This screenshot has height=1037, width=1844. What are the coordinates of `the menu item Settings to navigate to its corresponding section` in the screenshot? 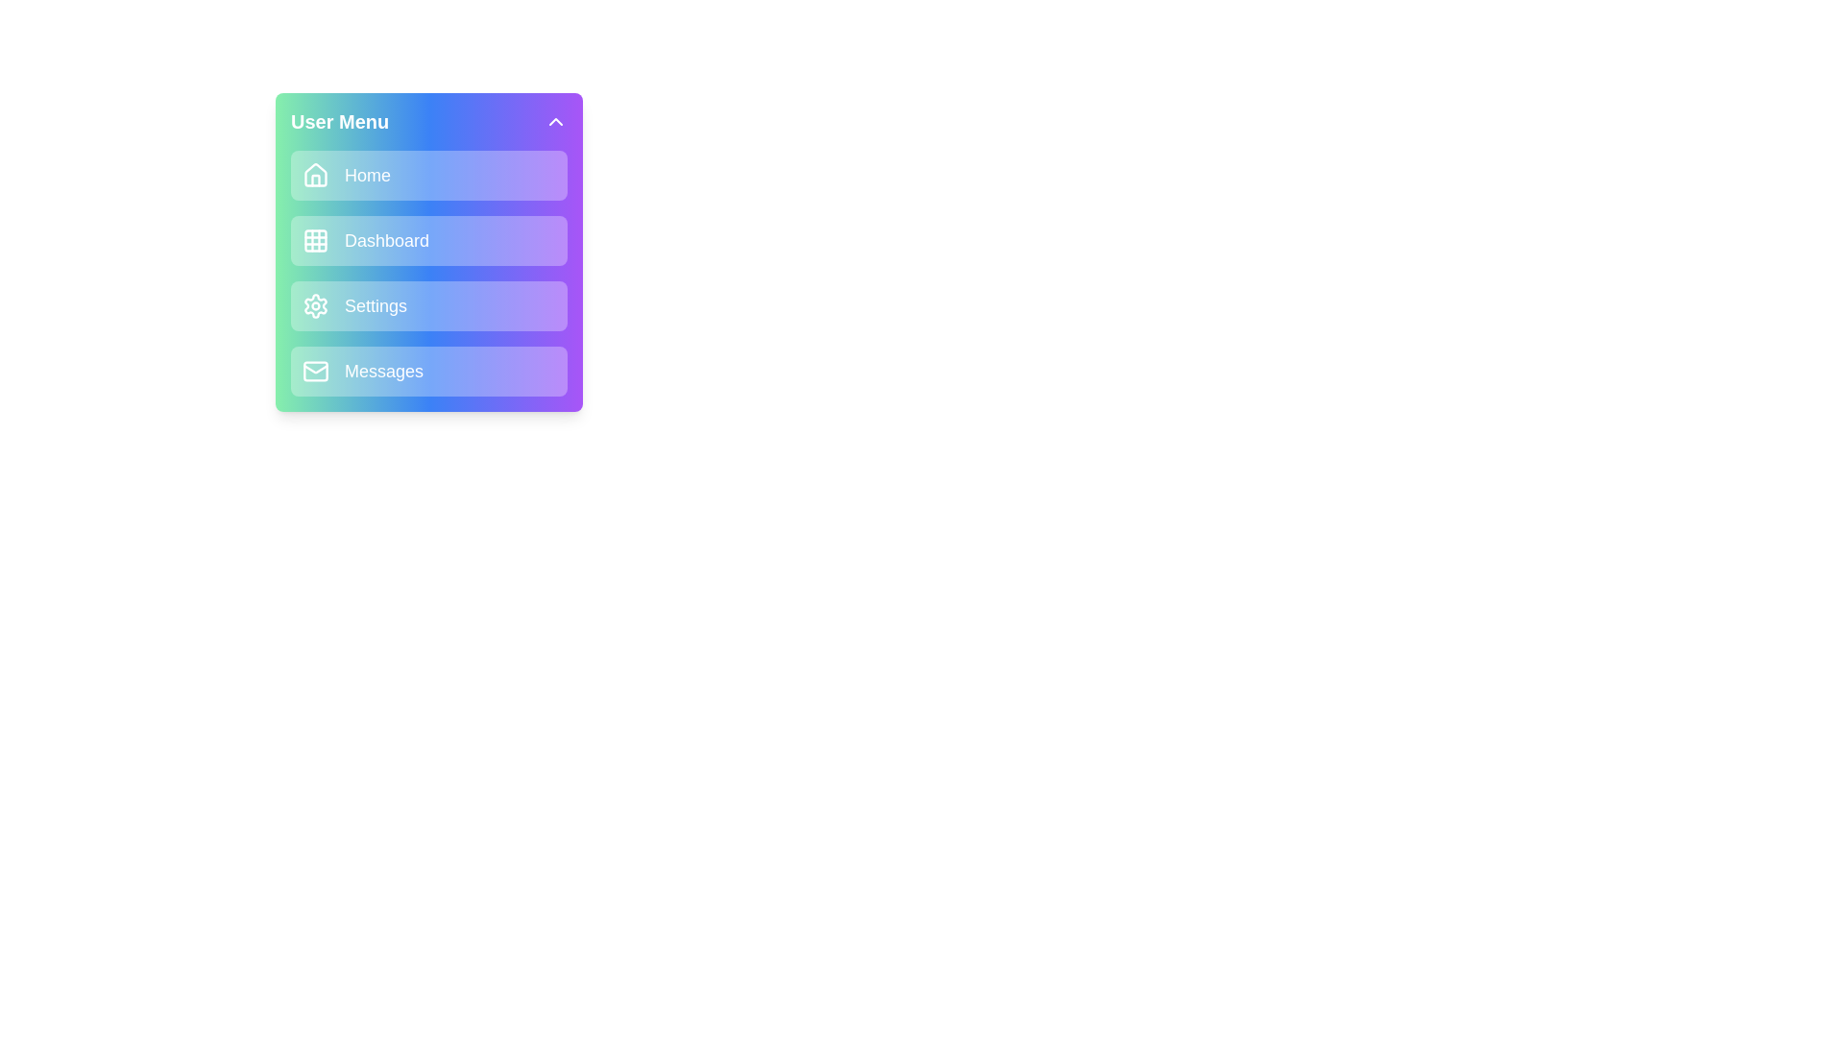 It's located at (427, 305).